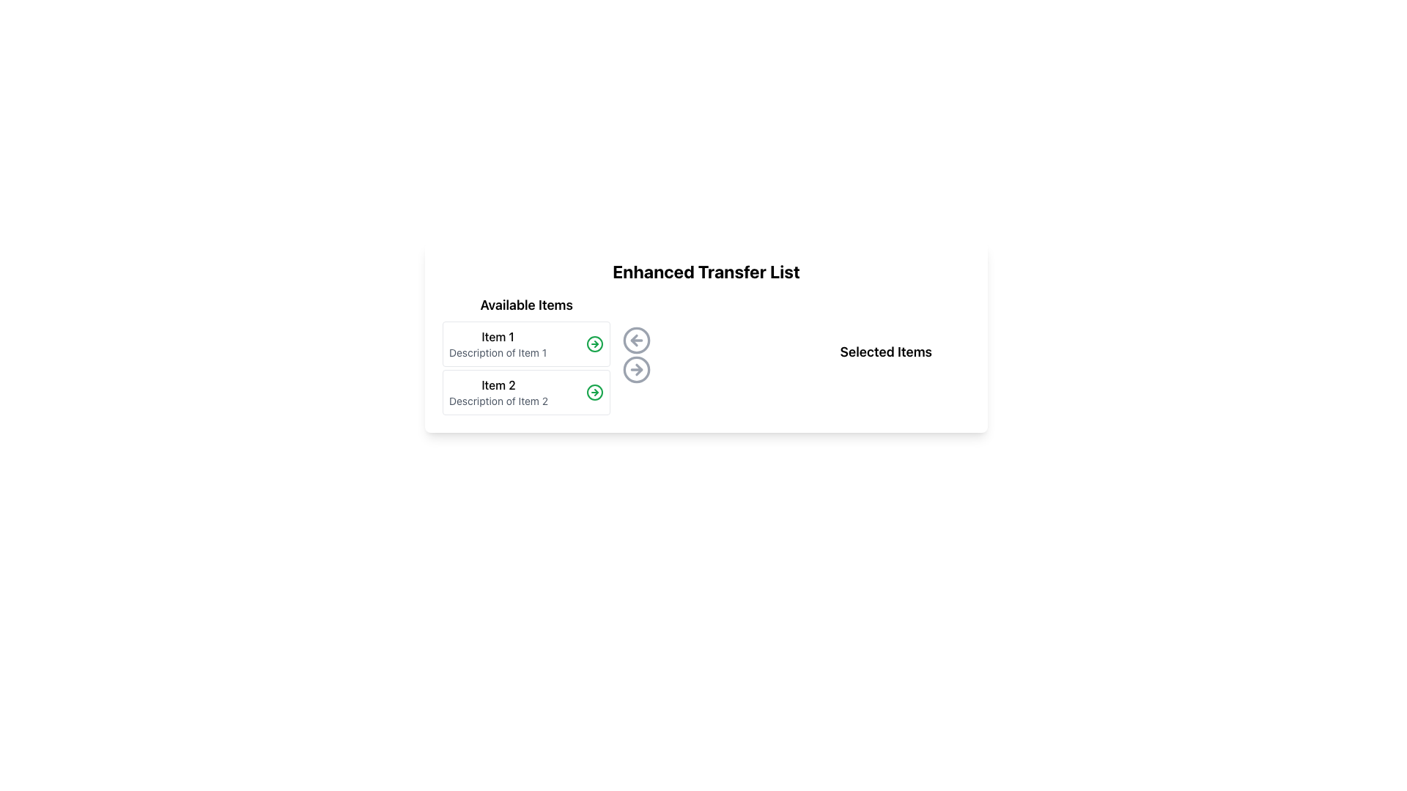 This screenshot has width=1407, height=791. I want to click on the list item titled 'Item 1' with a bold black title and a gray subtitle, so click(526, 344).